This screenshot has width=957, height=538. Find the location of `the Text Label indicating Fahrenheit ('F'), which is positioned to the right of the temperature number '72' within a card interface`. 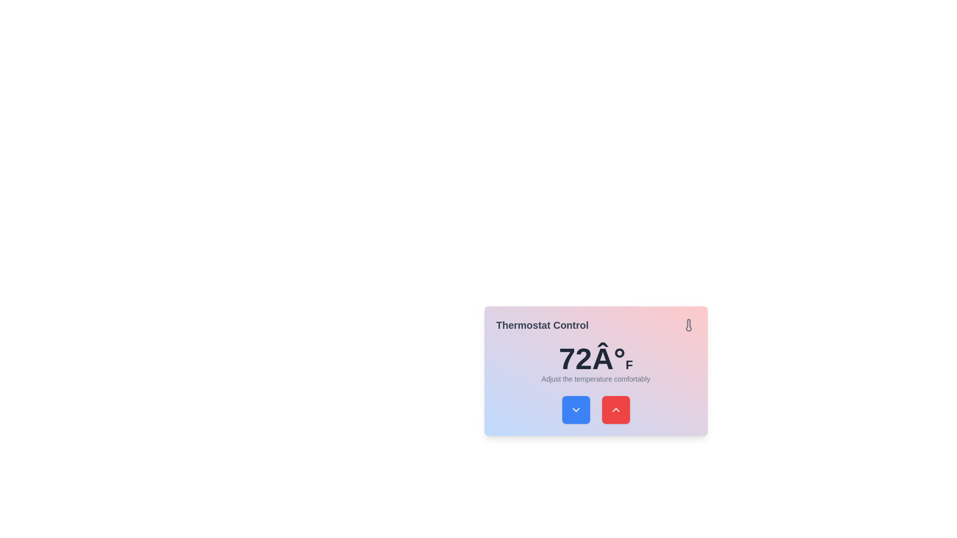

the Text Label indicating Fahrenheit ('F'), which is positioned to the right of the temperature number '72' within a card interface is located at coordinates (629, 365).